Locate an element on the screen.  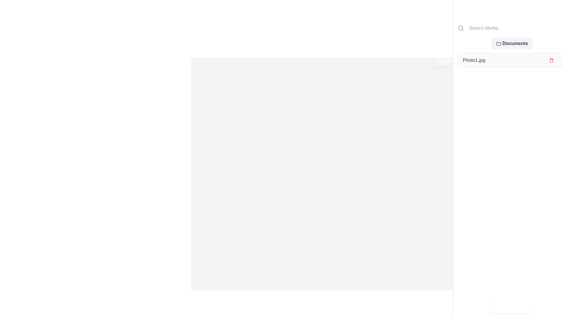
the close button located at the top-right corner of the Media Manager section is located at coordinates (557, 9).